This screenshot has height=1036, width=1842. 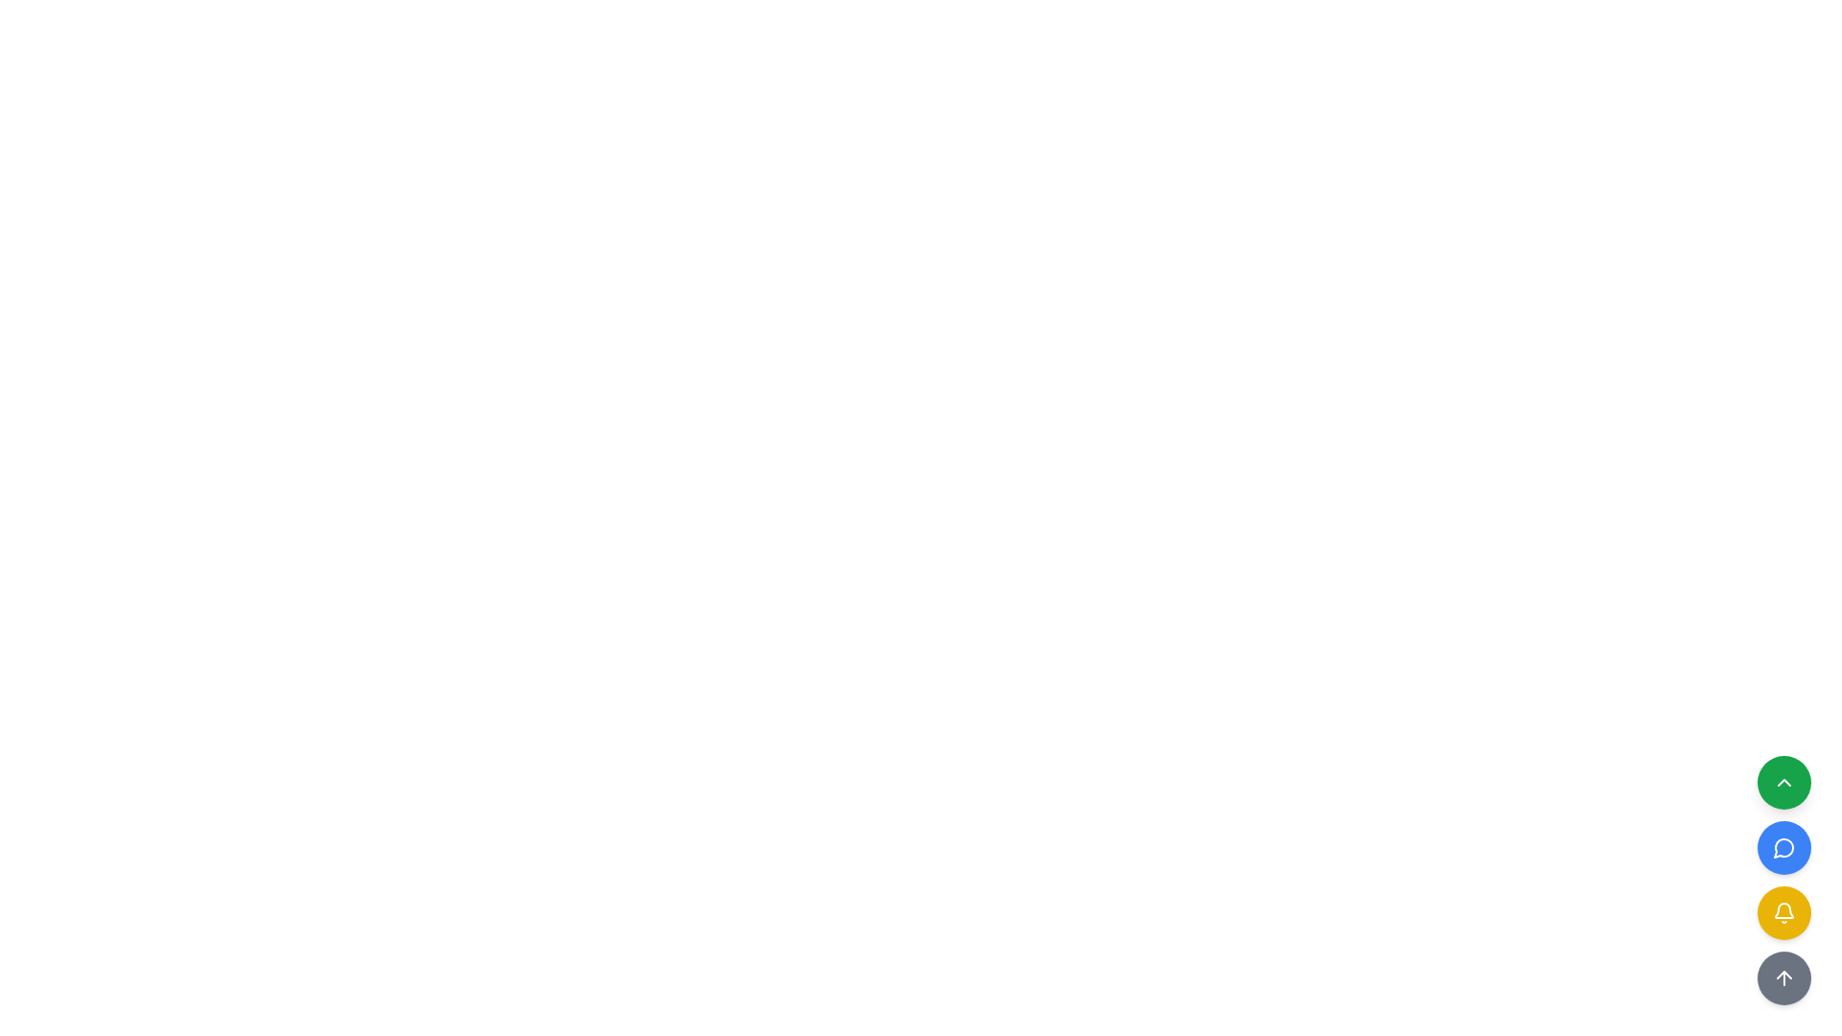 I want to click on the 'scroll to top' button with an arrow icon located centrally within a circular button at the bottom-right of the interface to quickly navigate to the top of the page, so click(x=1783, y=977).